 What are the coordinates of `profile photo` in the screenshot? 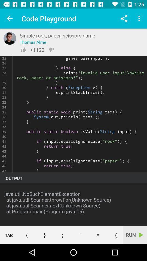 It's located at (10, 38).